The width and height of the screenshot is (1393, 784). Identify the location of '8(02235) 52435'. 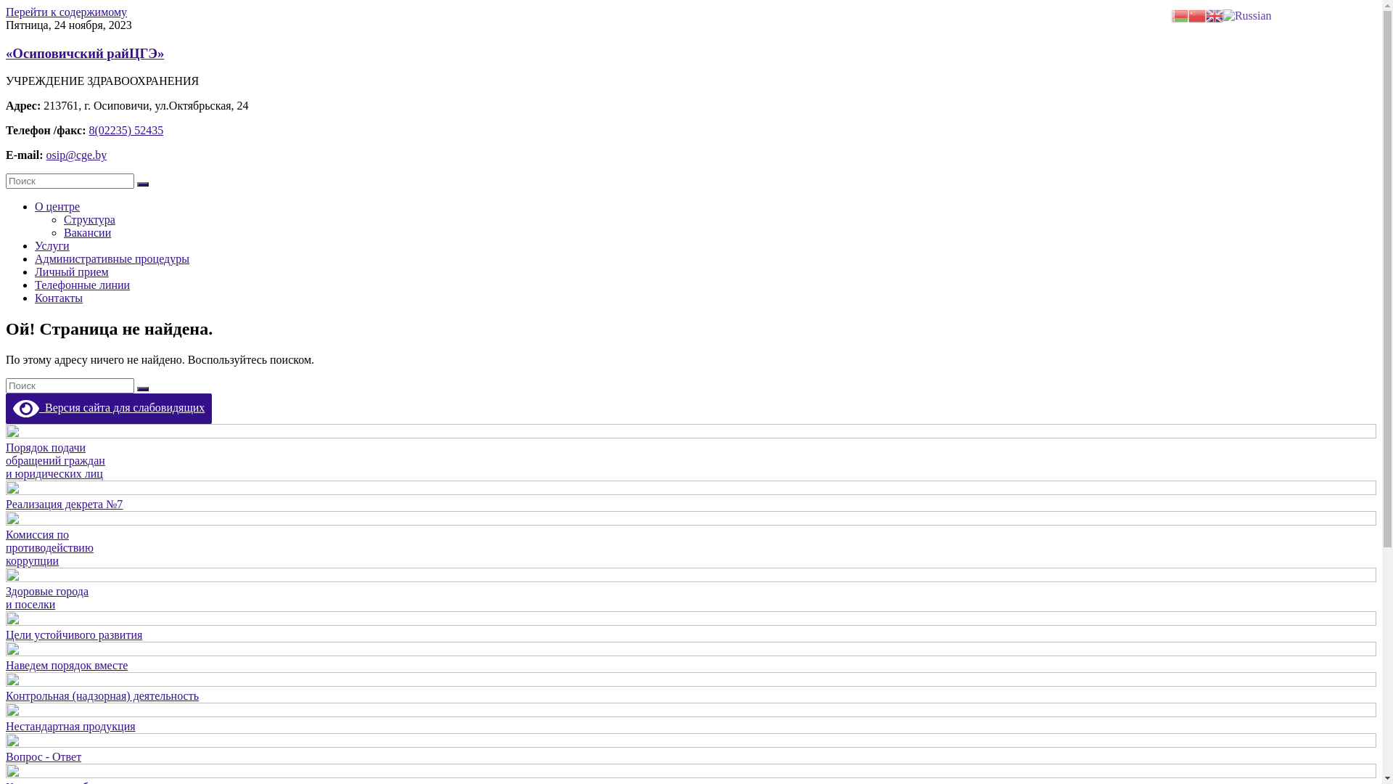
(126, 129).